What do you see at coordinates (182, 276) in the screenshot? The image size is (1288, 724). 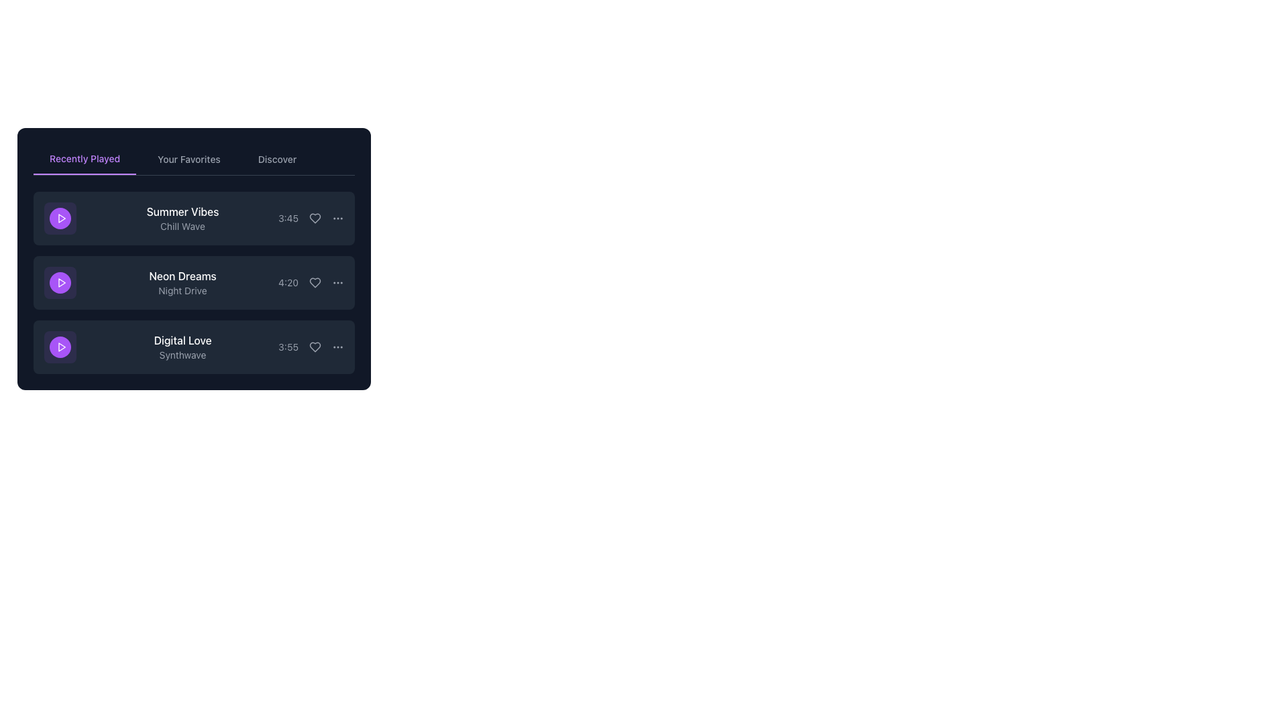 I see `the text label in the second row of the track list, which serves as a title or identifier for a media item, located above 'Night Drive' and to the right of the play button` at bounding box center [182, 276].